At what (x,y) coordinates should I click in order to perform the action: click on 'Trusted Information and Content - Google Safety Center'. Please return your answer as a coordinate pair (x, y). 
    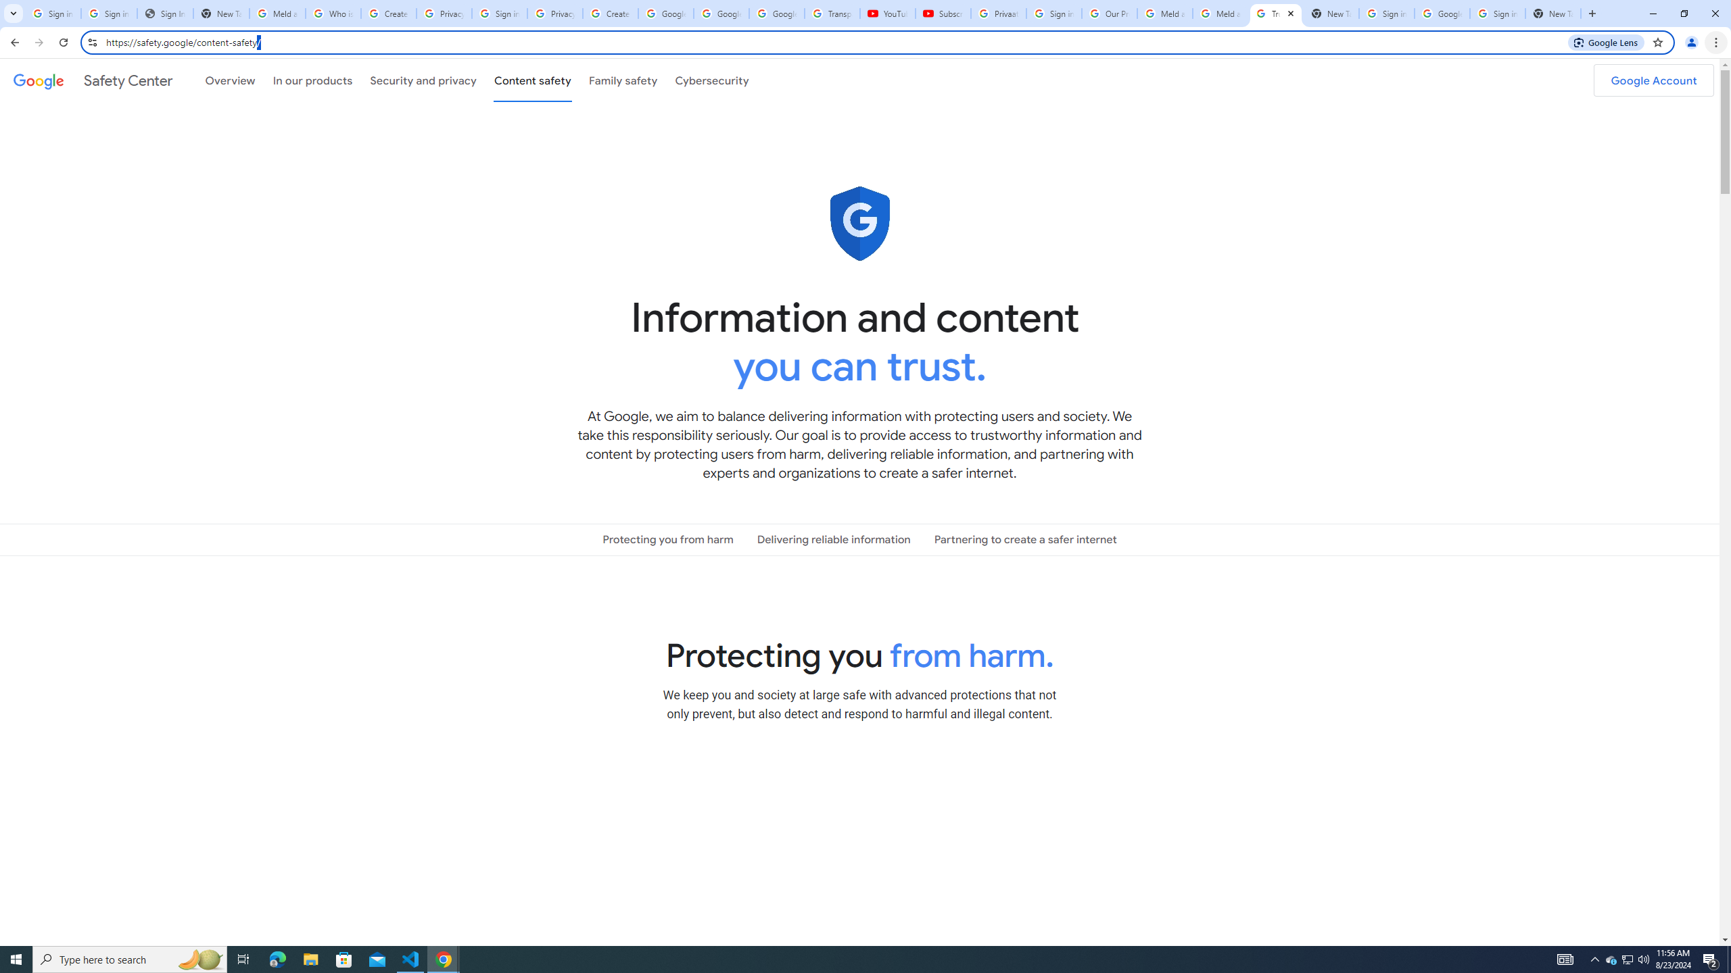
    Looking at the image, I should click on (1276, 13).